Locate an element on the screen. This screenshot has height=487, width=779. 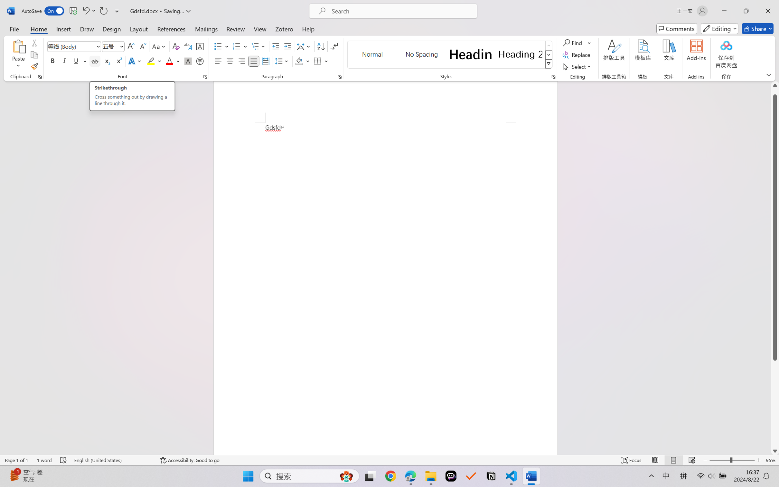
'Justify' is located at coordinates (253, 61).